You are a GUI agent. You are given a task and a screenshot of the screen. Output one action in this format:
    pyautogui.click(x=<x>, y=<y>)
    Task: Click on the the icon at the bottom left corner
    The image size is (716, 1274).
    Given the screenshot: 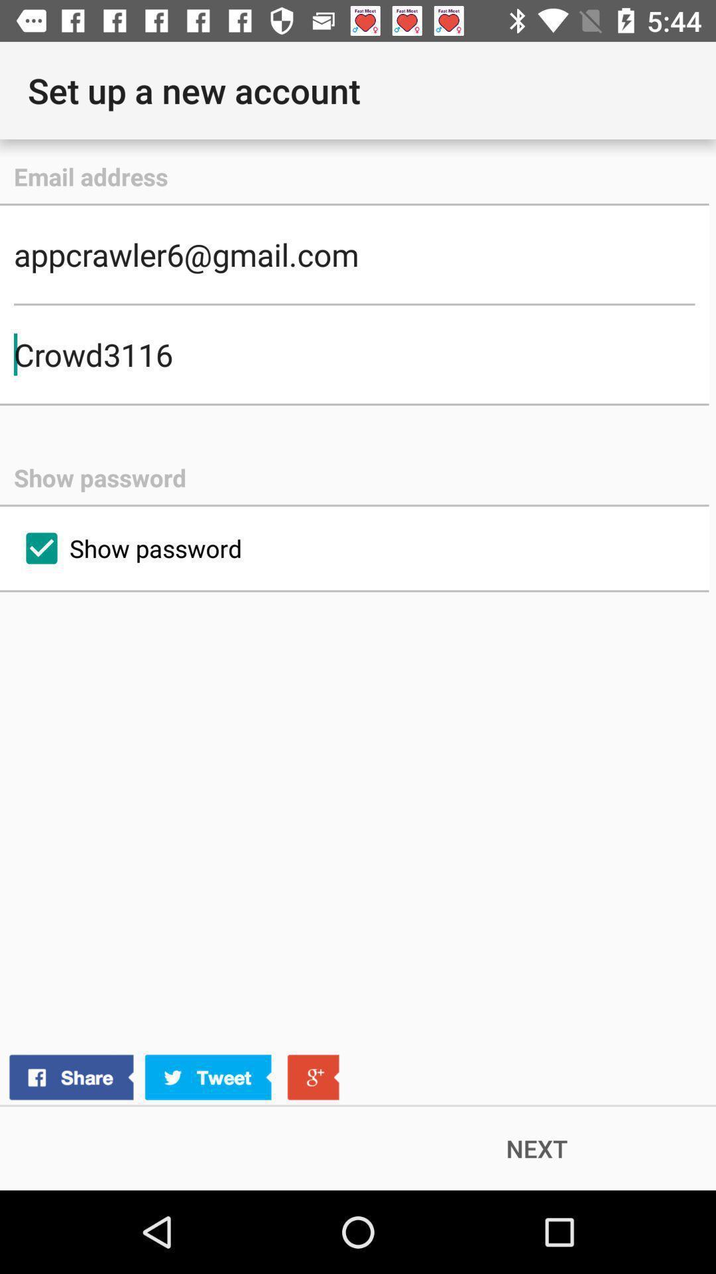 What is the action you would take?
    pyautogui.click(x=173, y=1078)
    